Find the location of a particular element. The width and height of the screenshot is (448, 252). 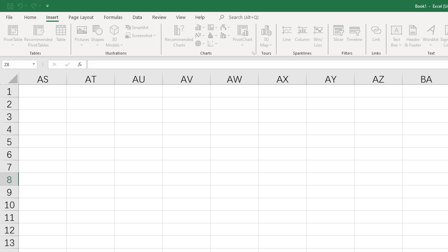

'WordArt' is located at coordinates (430, 36).